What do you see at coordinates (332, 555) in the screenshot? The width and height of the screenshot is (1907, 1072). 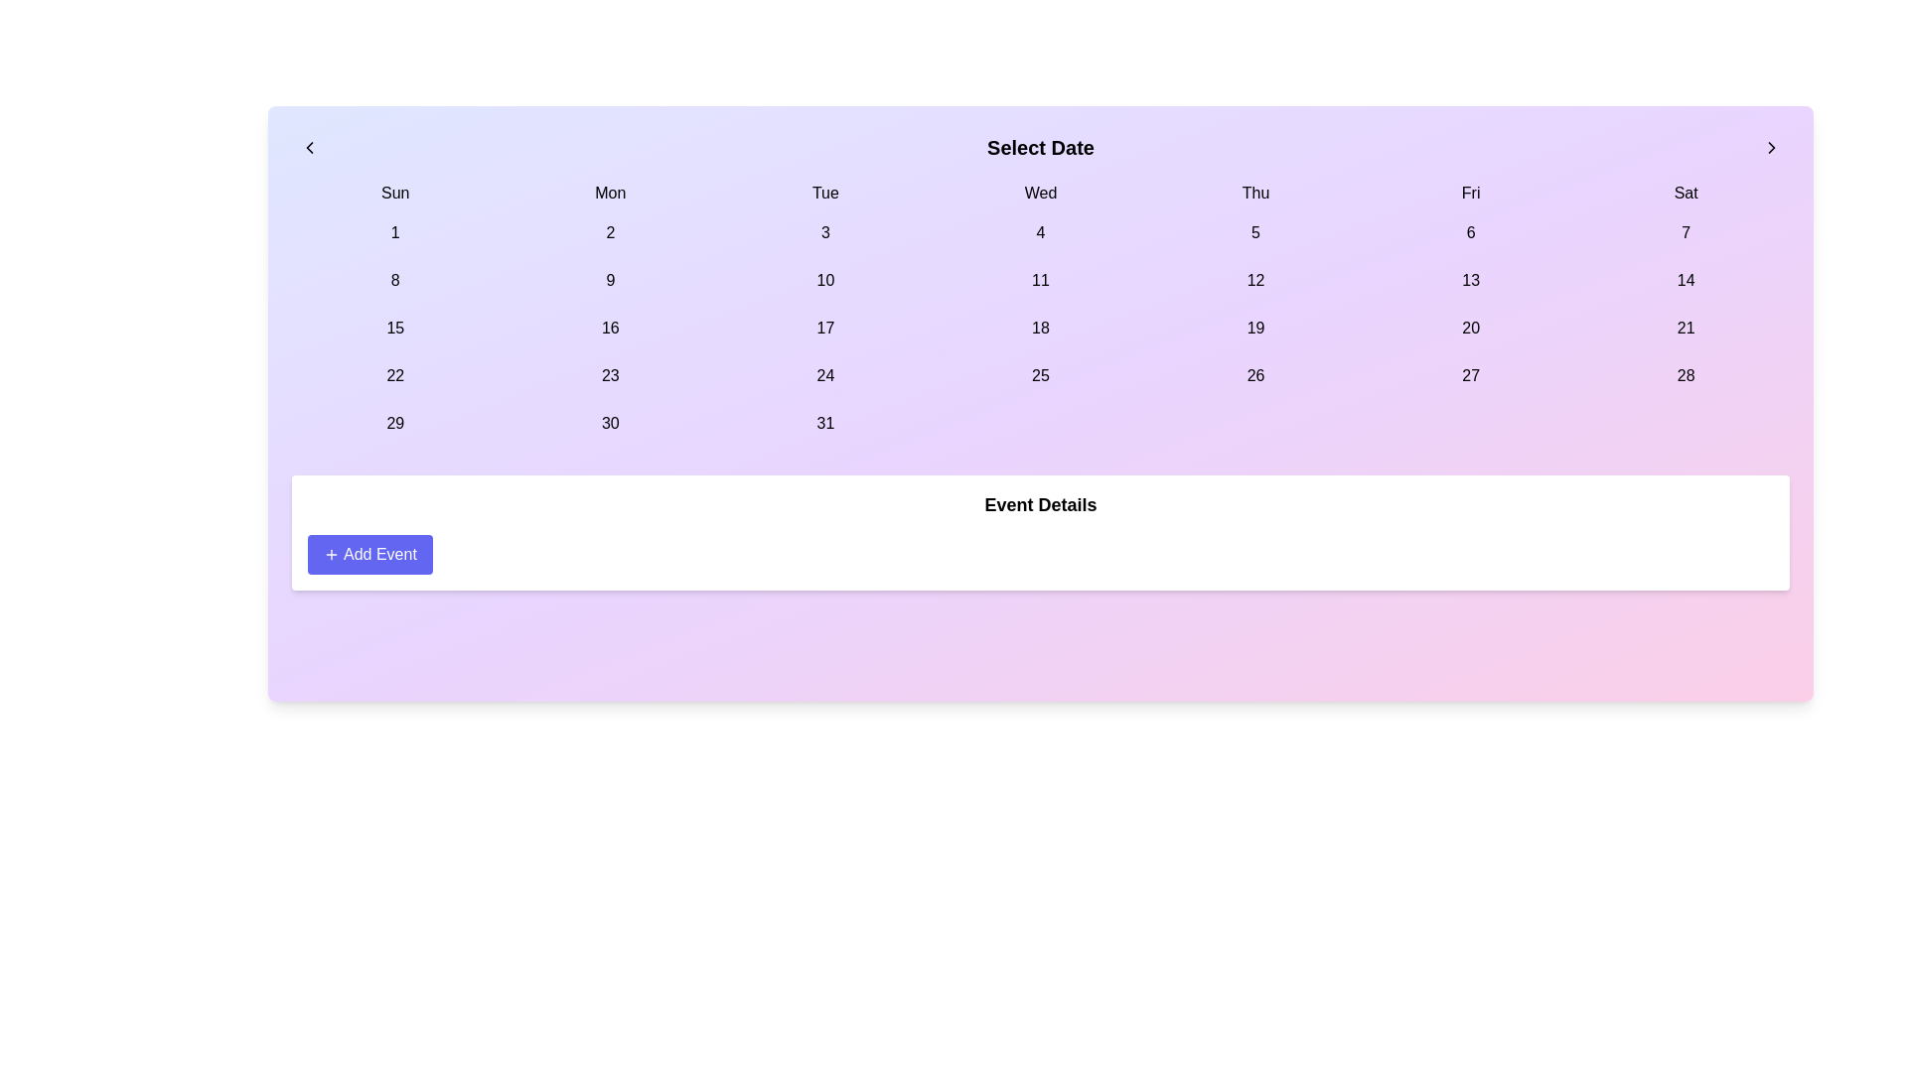 I see `the icon located to the left of the 'Add Event' button, which is positioned near the bottom of the interface, centered horizontally under the calendar` at bounding box center [332, 555].